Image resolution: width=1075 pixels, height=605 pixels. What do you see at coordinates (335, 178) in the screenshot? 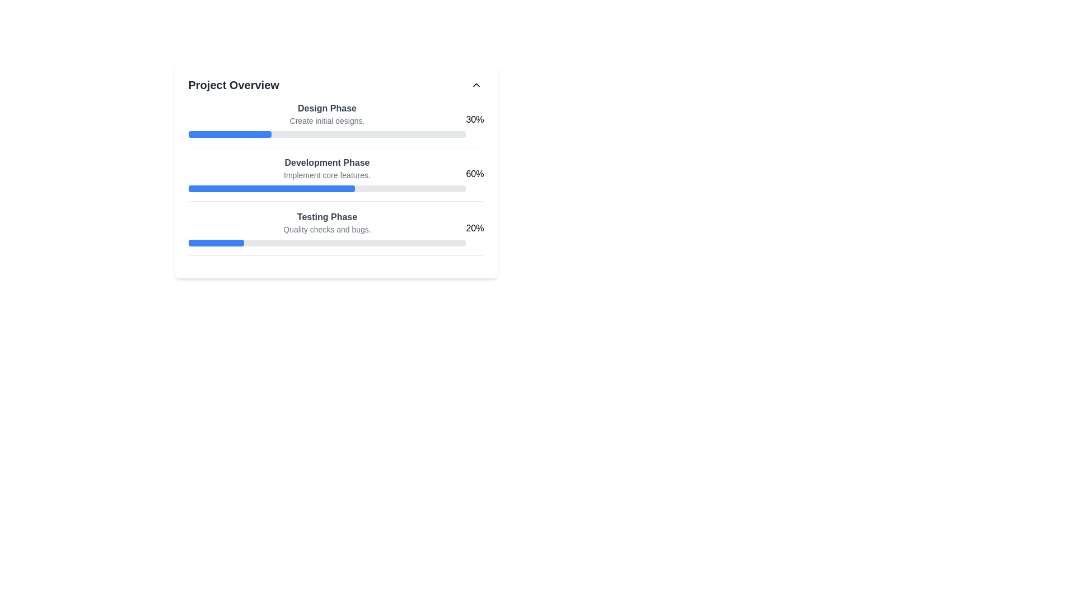
I see `the Progress bar list in the 'Project Overview' section` at bounding box center [335, 178].